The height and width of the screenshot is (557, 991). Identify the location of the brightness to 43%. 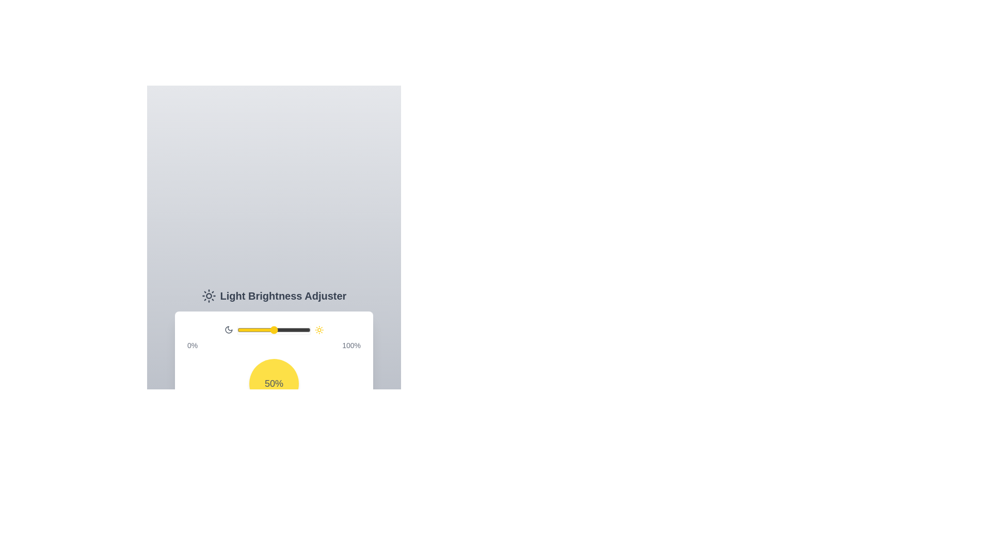
(269, 330).